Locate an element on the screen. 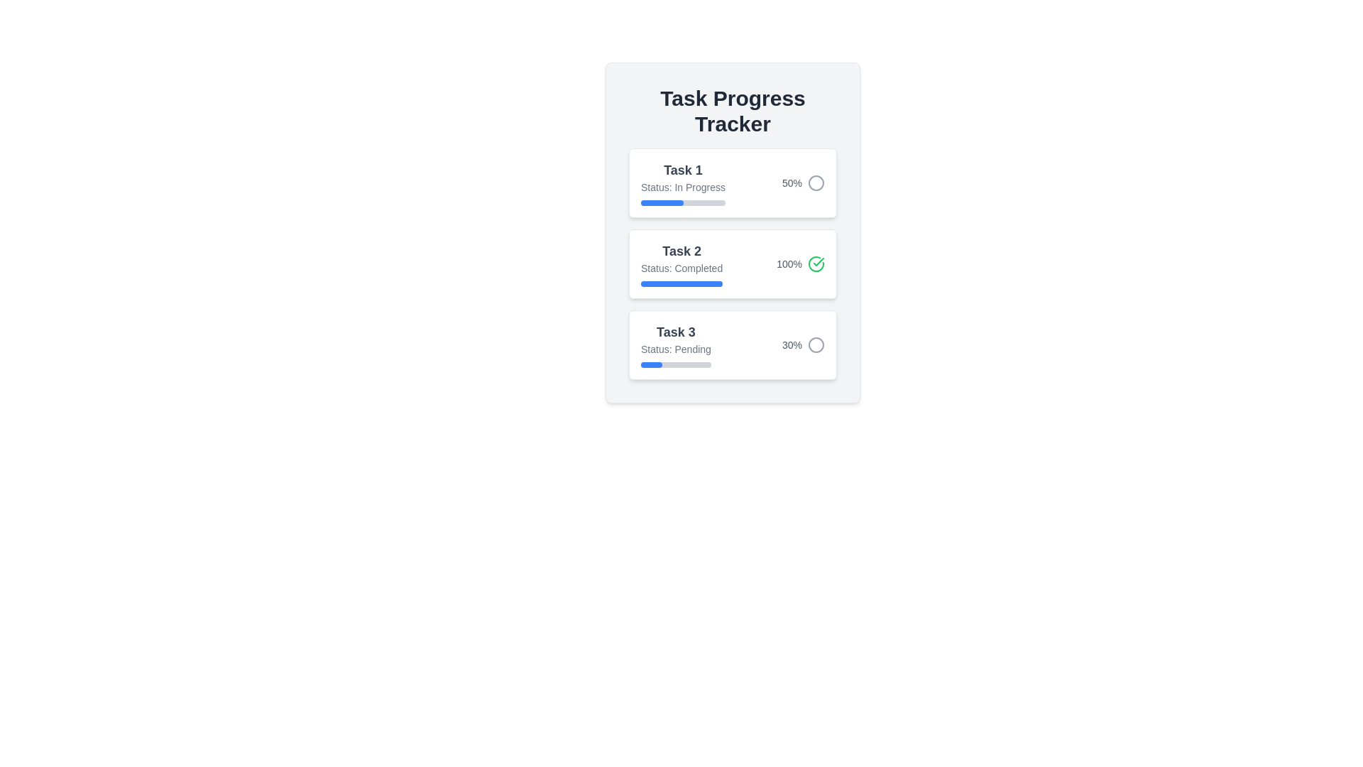 Image resolution: width=1363 pixels, height=767 pixels. the static text label displaying '50%' that indicates progress within the 'Task Progress Tracker' section, located to the left of the circular icon for 'Task 1' is located at coordinates (791, 183).